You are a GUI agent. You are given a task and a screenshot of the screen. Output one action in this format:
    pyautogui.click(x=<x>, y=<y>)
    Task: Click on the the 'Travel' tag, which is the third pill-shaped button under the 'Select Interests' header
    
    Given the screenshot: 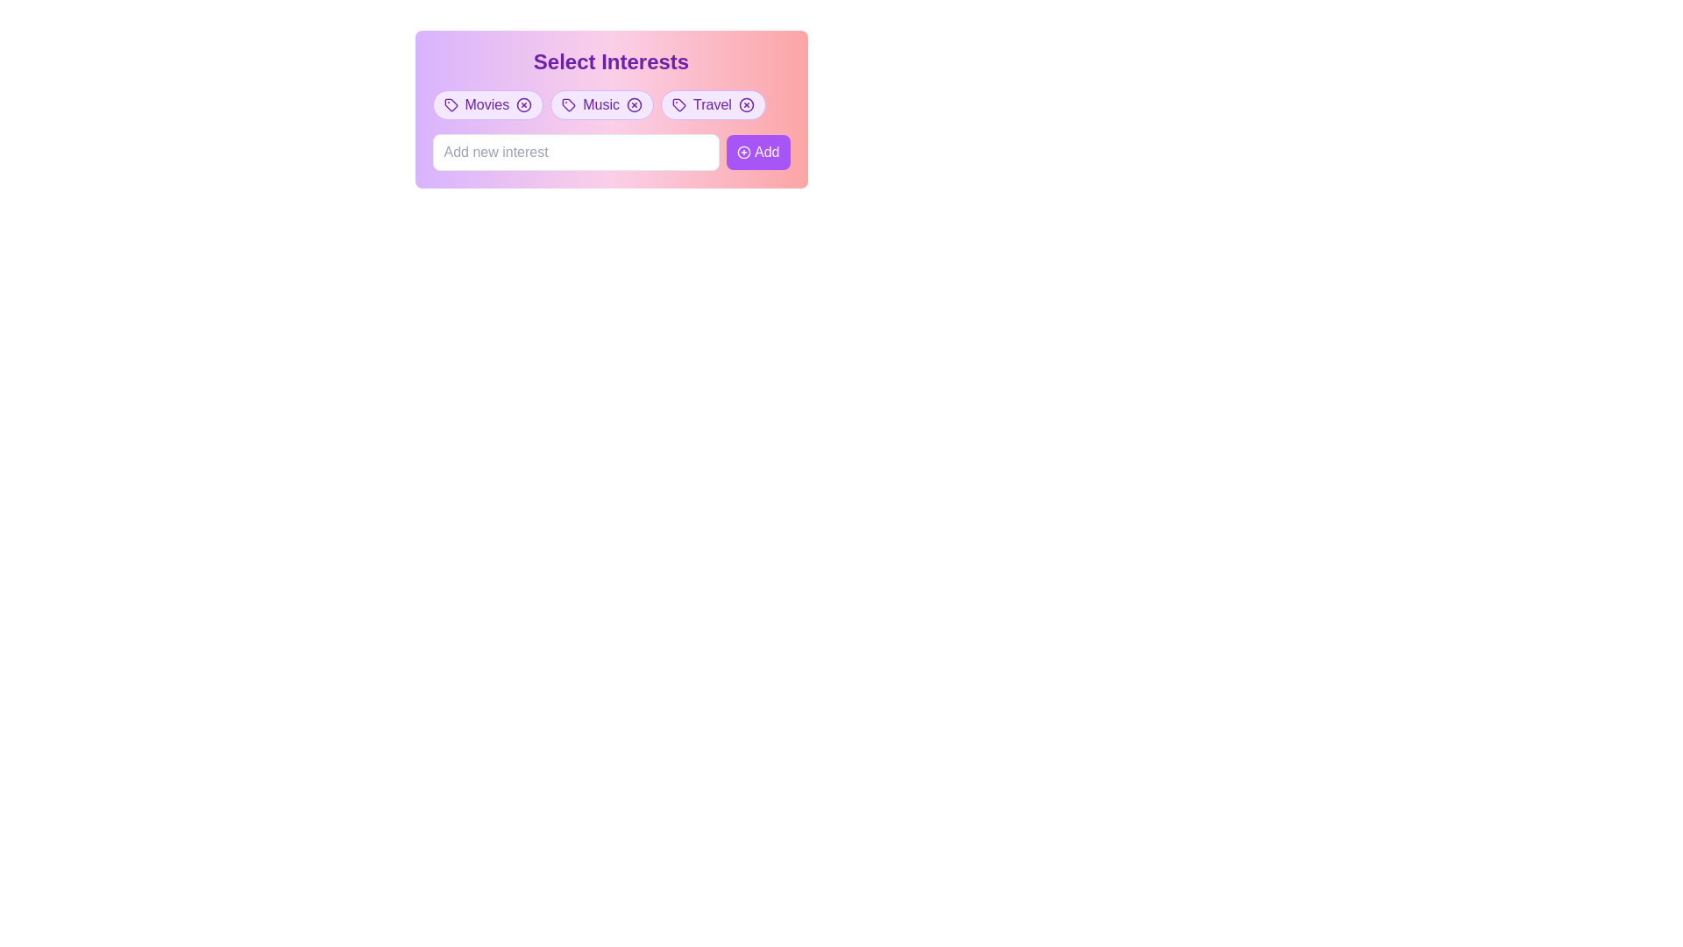 What is the action you would take?
    pyautogui.click(x=713, y=104)
    